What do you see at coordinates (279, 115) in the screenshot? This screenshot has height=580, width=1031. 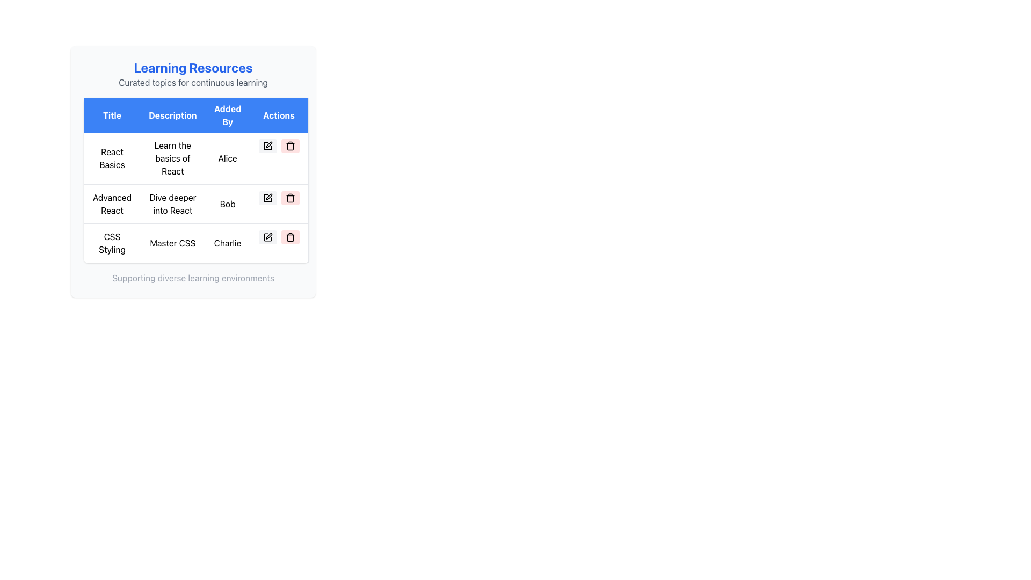 I see `the 'Actions' column header, which is the last column header in a four-column table layout, centrally aligned and located to the right of the 'Added By' header` at bounding box center [279, 115].